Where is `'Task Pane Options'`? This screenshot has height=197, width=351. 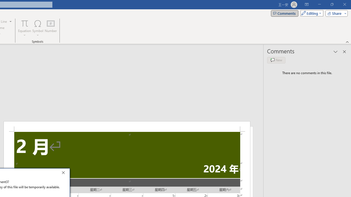 'Task Pane Options' is located at coordinates (335, 52).